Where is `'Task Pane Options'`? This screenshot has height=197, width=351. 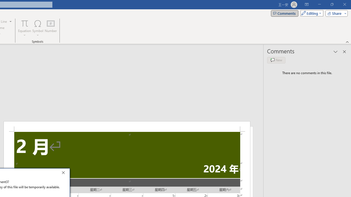 'Task Pane Options' is located at coordinates (335, 52).